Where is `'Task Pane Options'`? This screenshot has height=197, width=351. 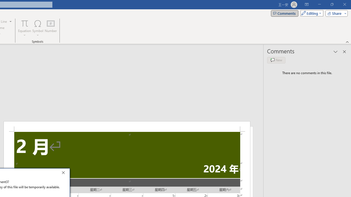 'Task Pane Options' is located at coordinates (335, 52).